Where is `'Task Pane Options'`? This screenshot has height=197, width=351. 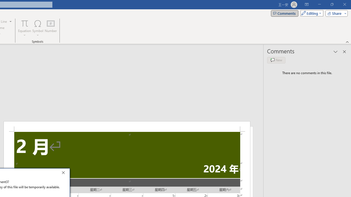 'Task Pane Options' is located at coordinates (335, 52).